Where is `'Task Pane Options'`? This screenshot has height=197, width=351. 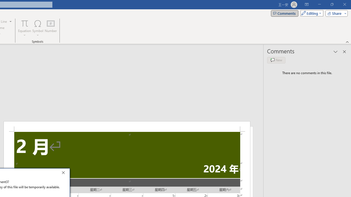 'Task Pane Options' is located at coordinates (335, 52).